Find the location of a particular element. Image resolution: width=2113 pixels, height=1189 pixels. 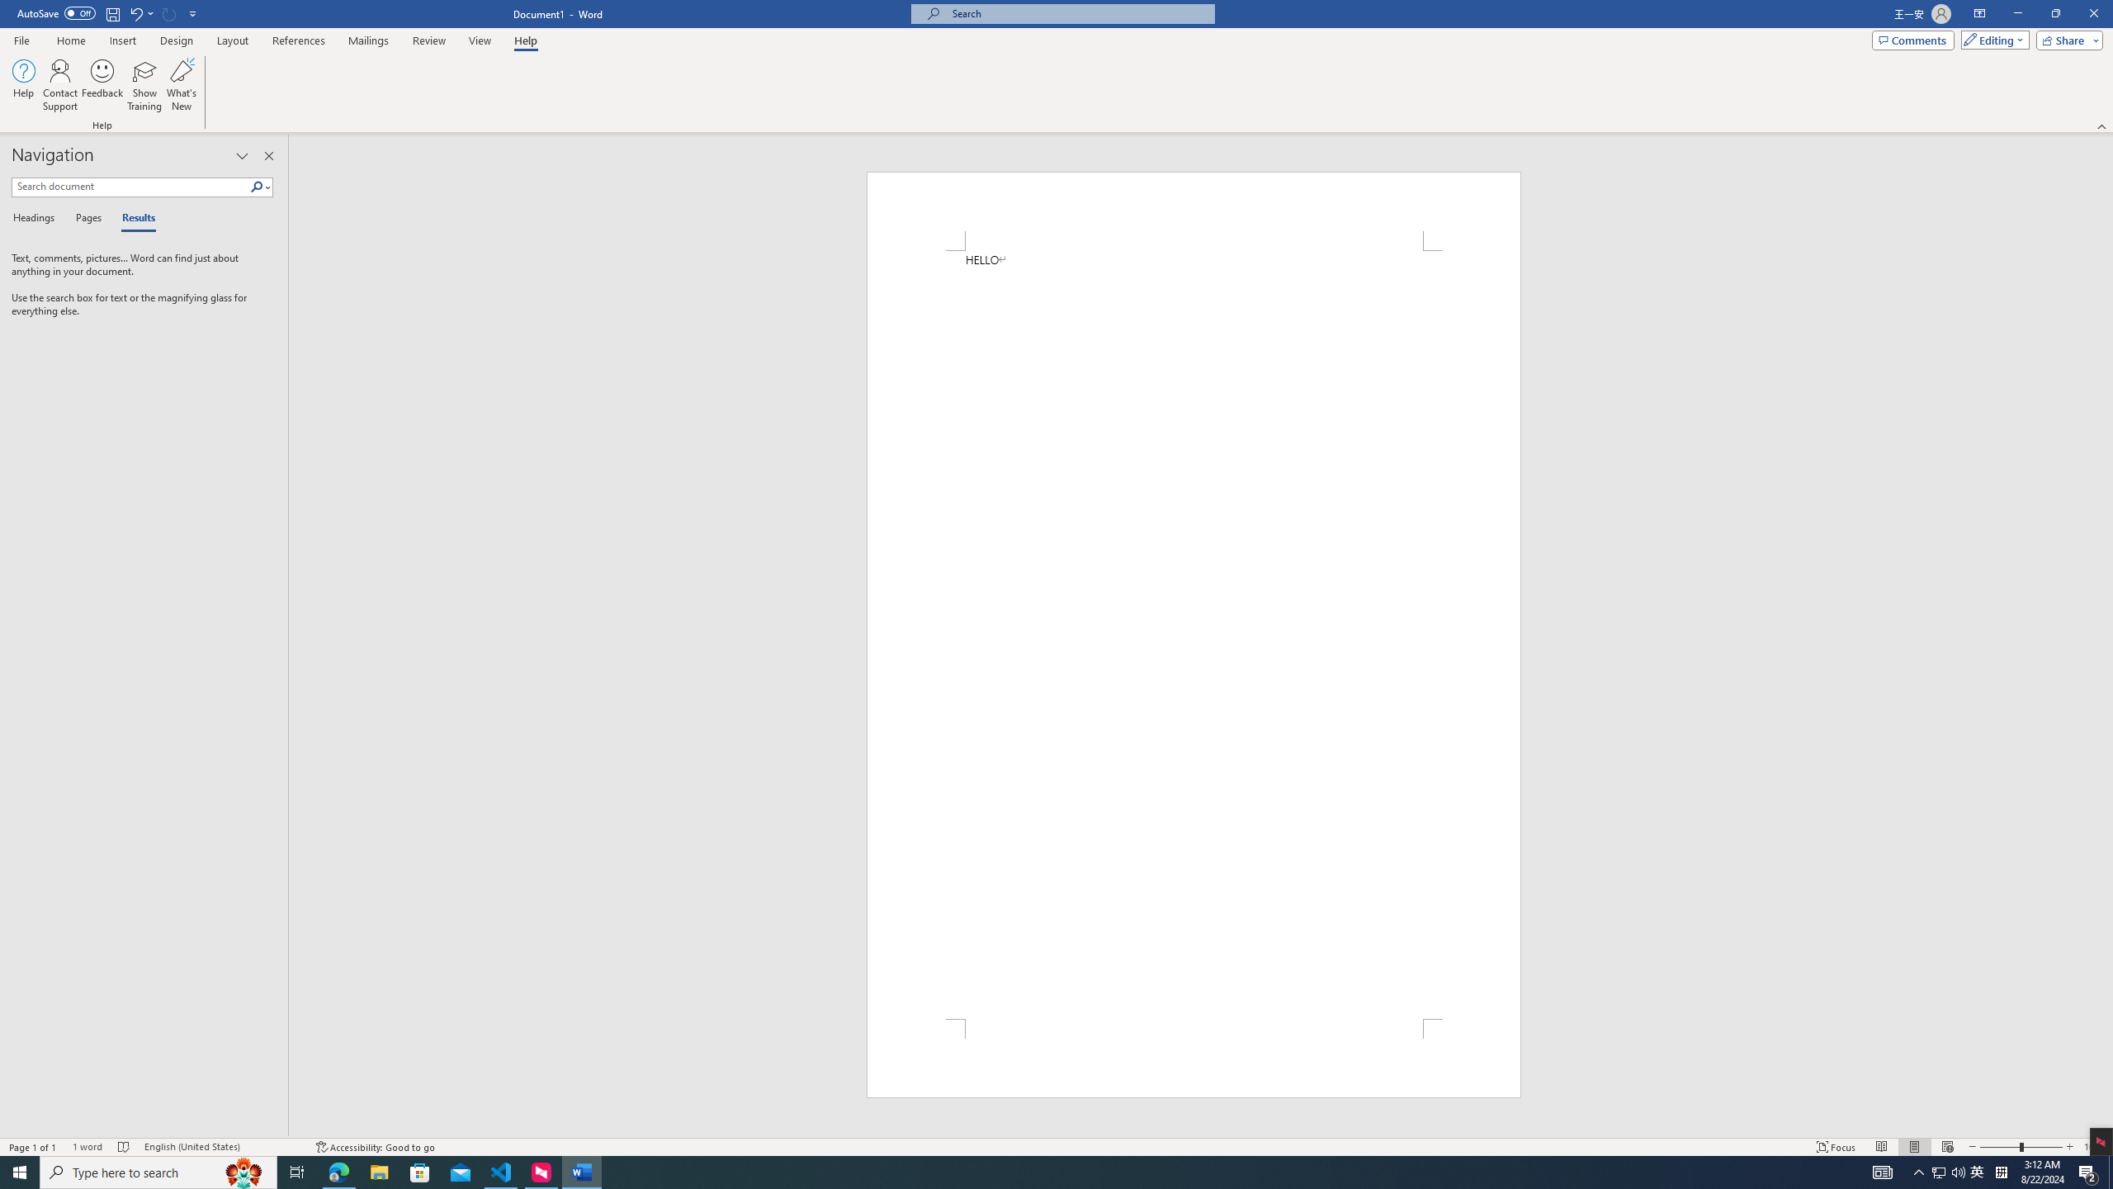

'View' is located at coordinates (480, 40).